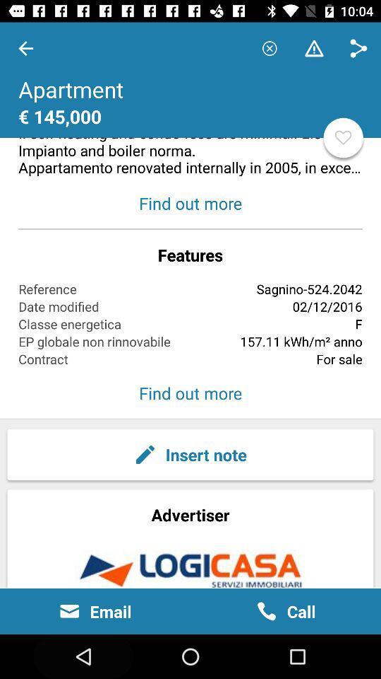  What do you see at coordinates (190, 99) in the screenshot?
I see `como sagnino three item` at bounding box center [190, 99].